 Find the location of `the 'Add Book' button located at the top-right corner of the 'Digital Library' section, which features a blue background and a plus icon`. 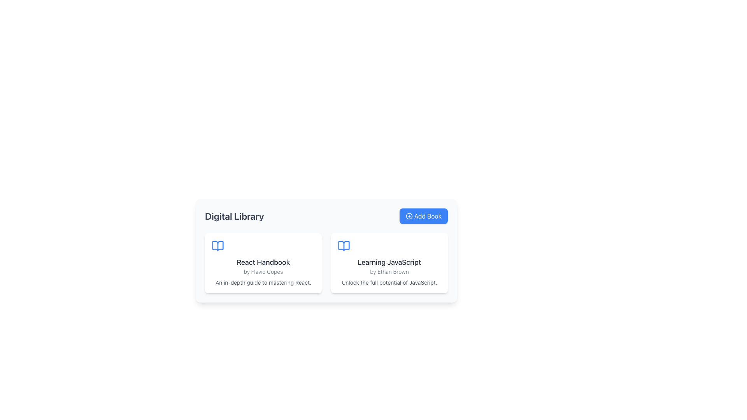

the 'Add Book' button located at the top-right corner of the 'Digital Library' section, which features a blue background and a plus icon is located at coordinates (427, 216).